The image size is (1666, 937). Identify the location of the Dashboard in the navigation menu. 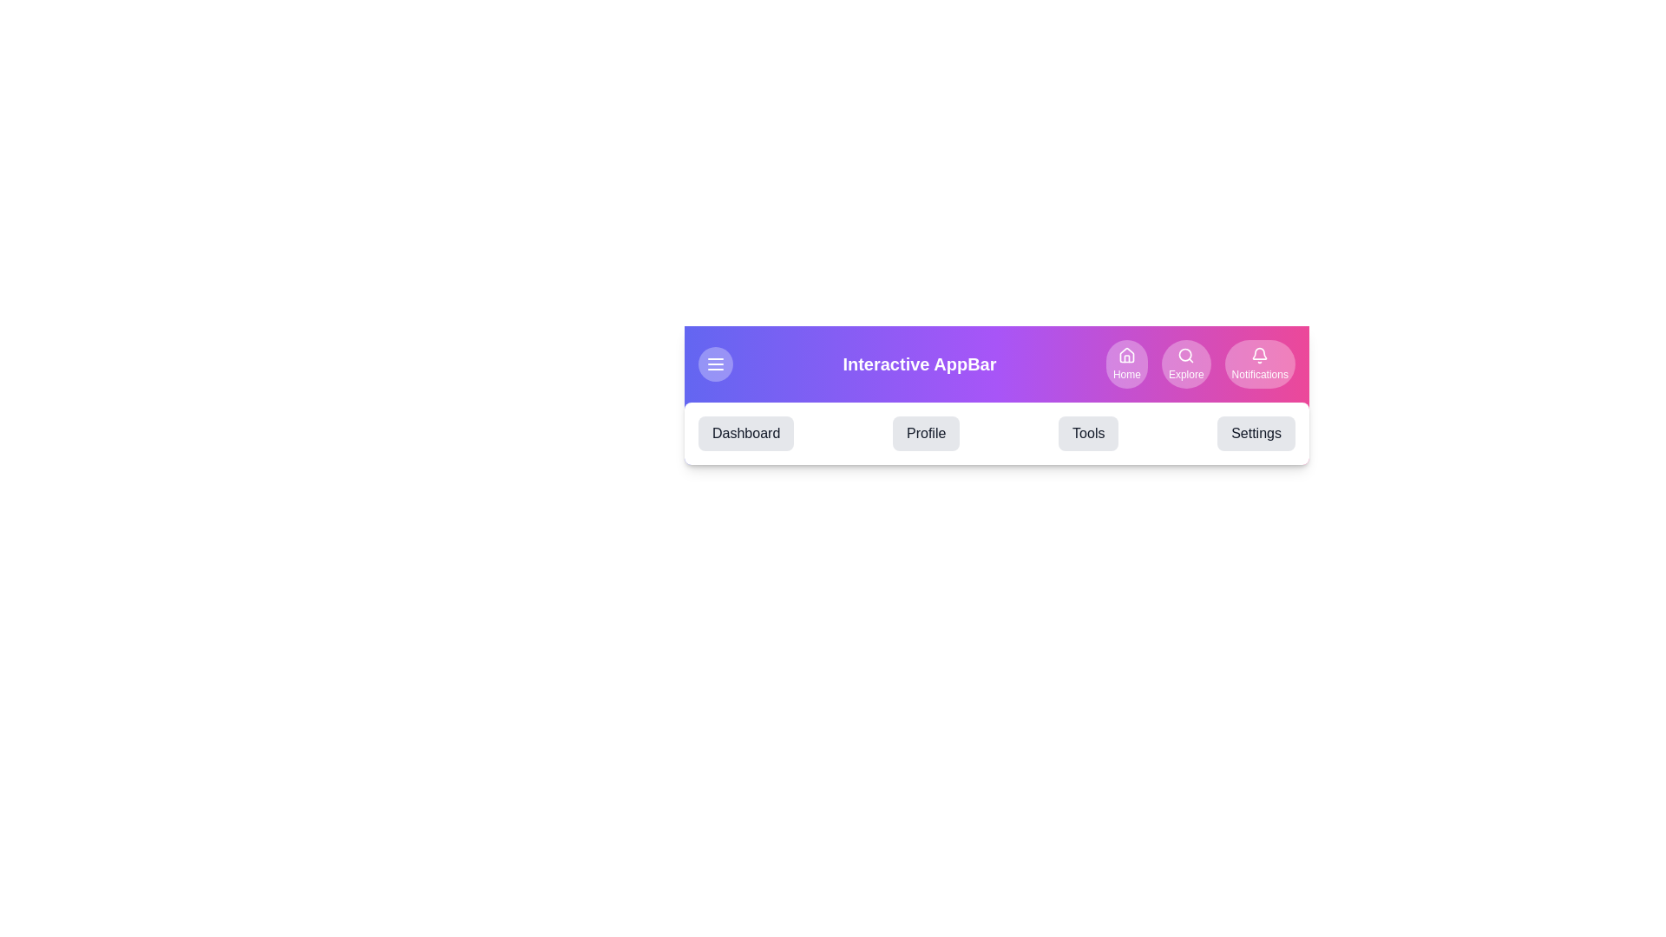
(745, 433).